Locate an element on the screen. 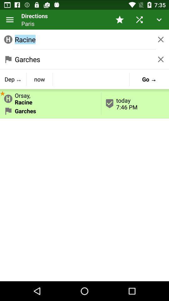 The image size is (169, 301). item below garches icon is located at coordinates (13, 79).